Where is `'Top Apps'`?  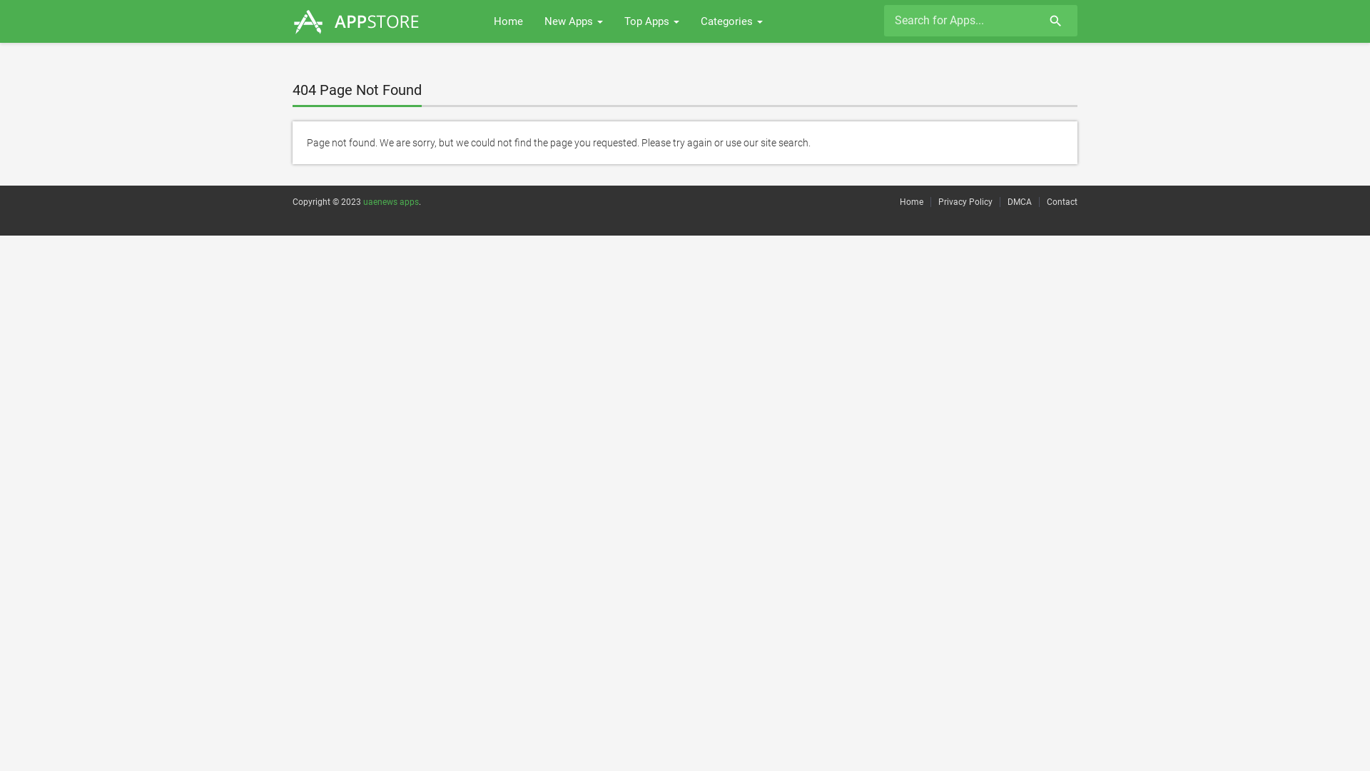
'Top Apps' is located at coordinates (651, 21).